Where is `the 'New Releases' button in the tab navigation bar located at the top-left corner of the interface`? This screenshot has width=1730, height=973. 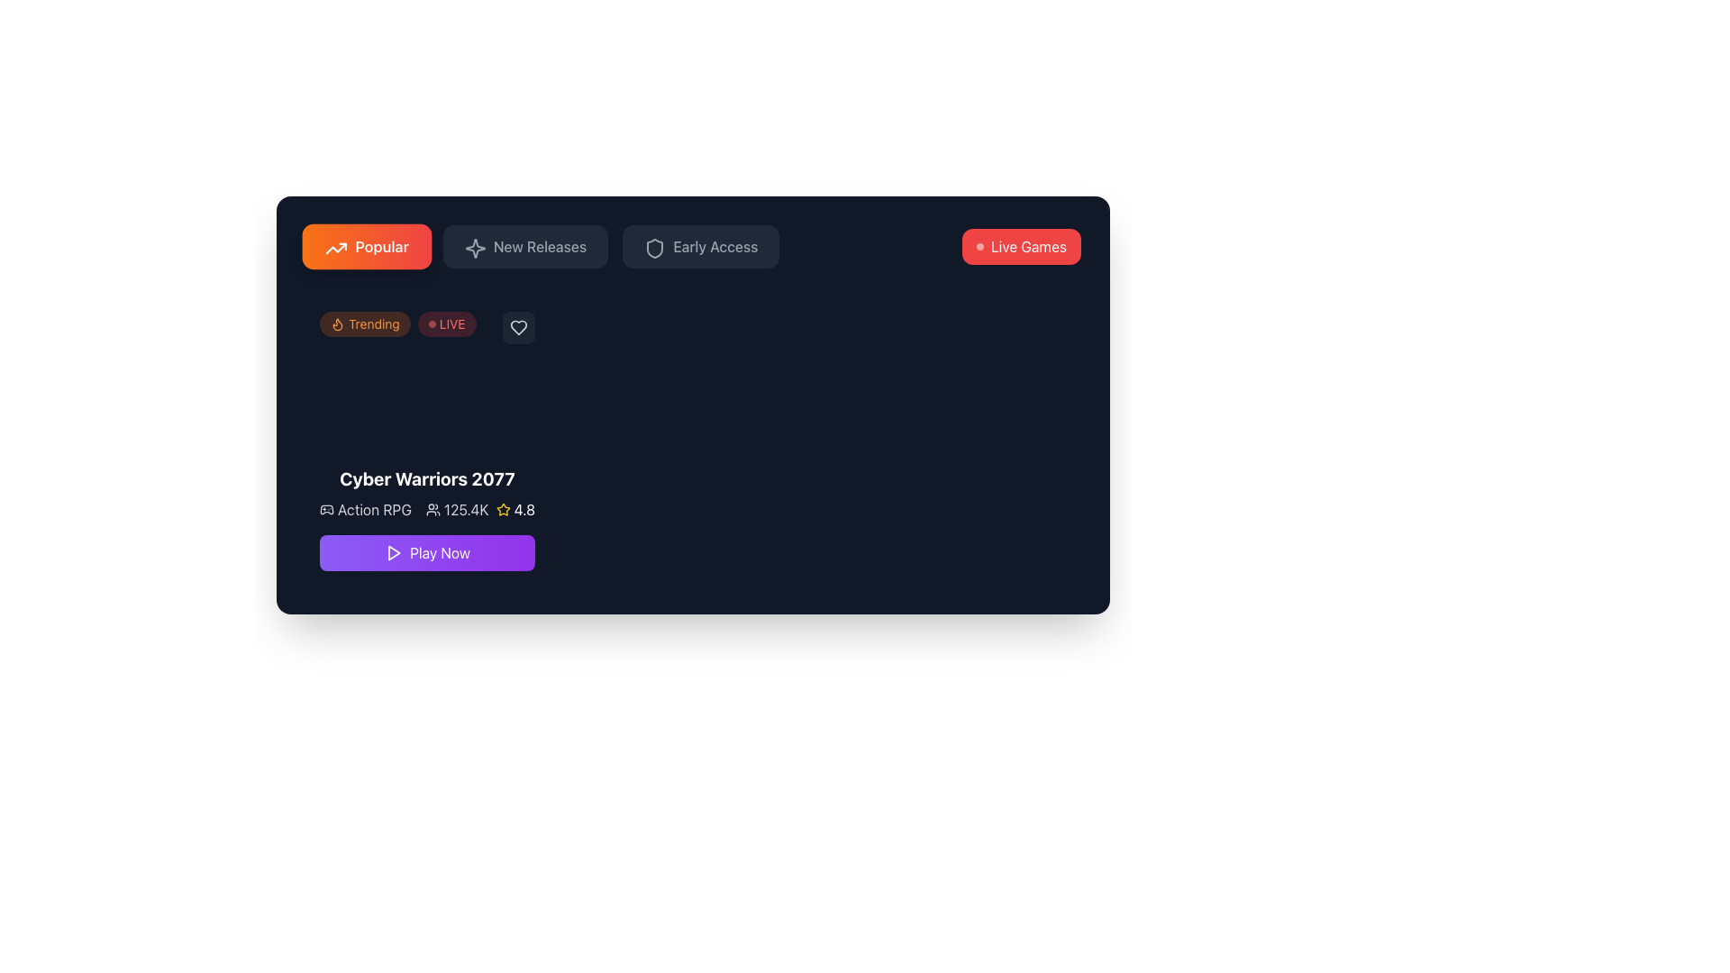
the 'New Releases' button in the tab navigation bar located at the top-left corner of the interface is located at coordinates (542, 246).